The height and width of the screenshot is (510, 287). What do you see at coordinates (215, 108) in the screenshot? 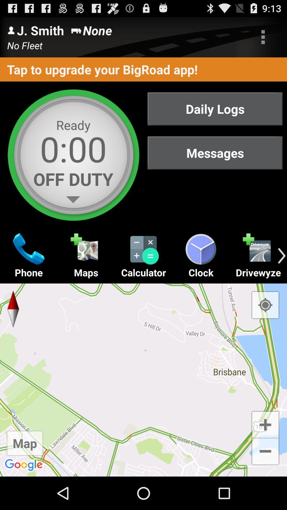
I see `the daily logs button` at bounding box center [215, 108].